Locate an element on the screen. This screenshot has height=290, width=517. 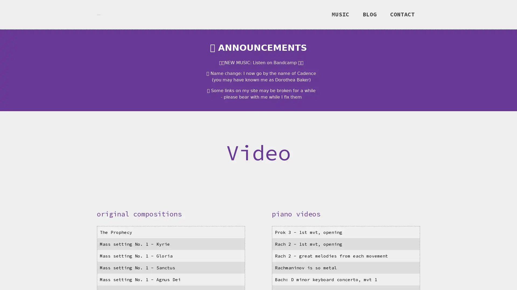
video: Rach 2 - great melodies from each movement is located at coordinates (346, 255).